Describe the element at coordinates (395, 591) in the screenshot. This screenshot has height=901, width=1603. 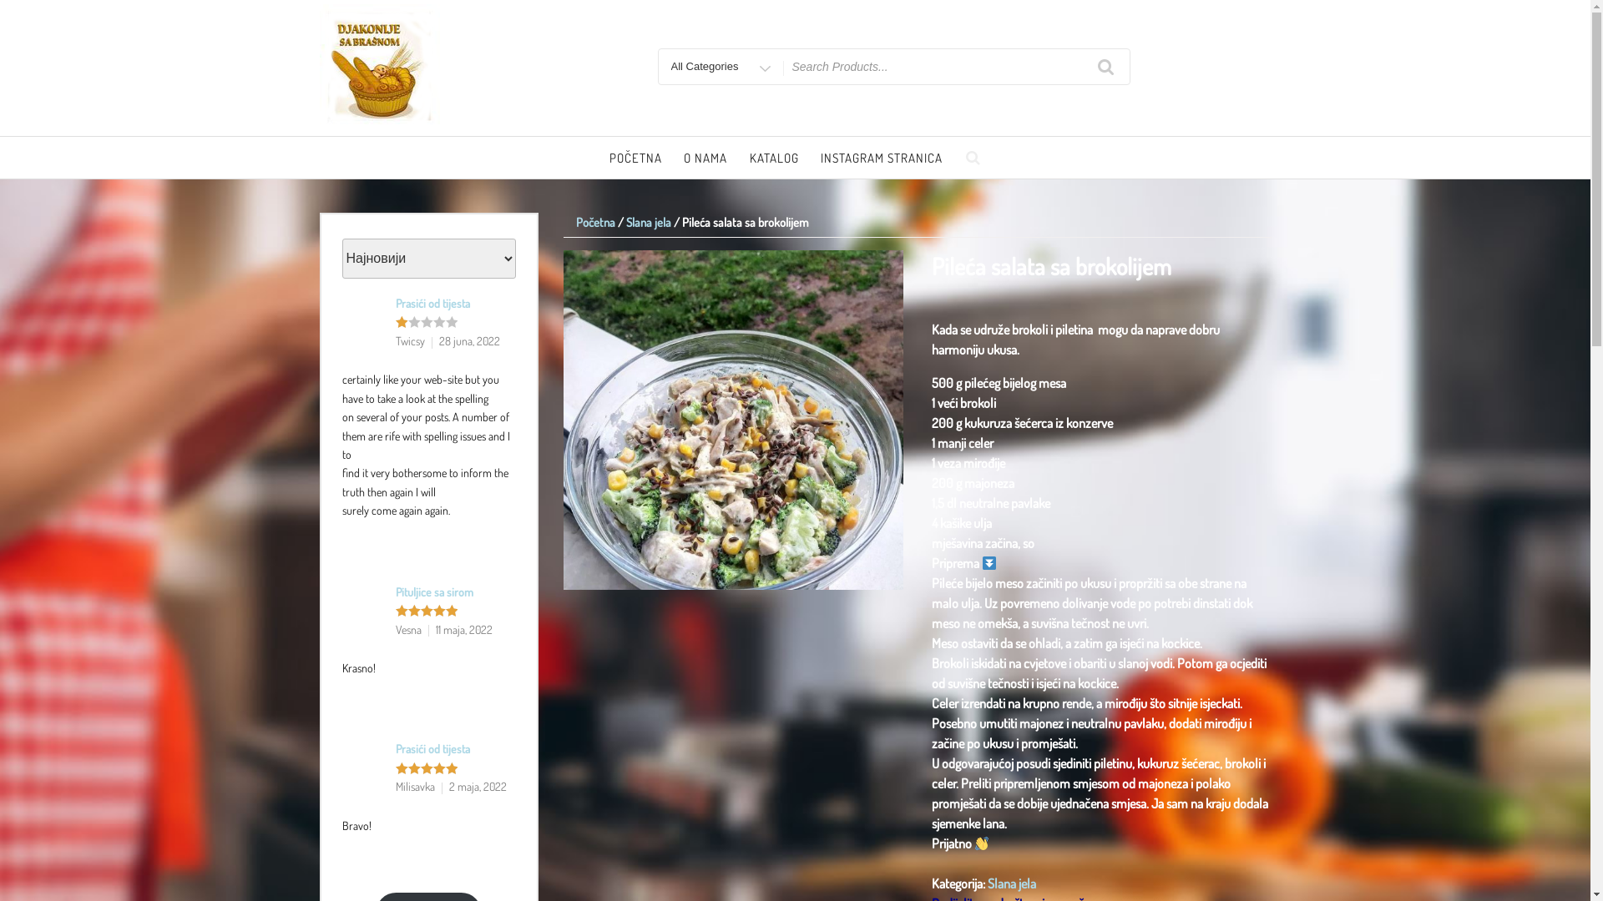
I see `'Pituljice sa sirom'` at that location.